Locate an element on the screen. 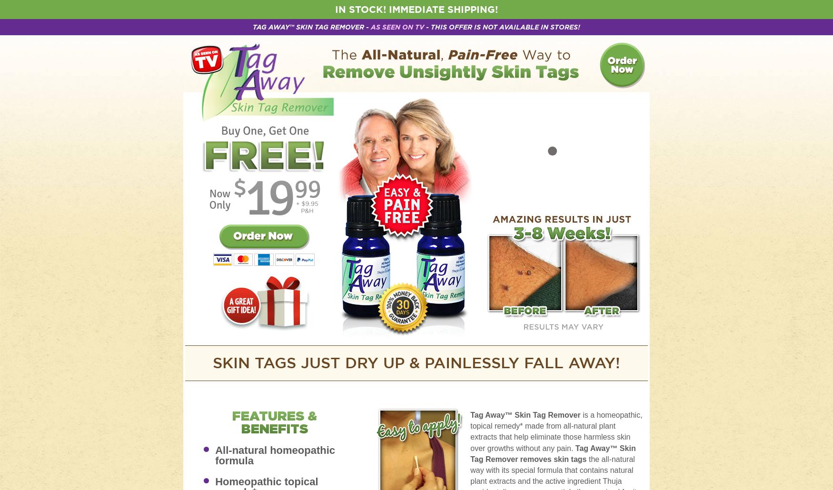 This screenshot has height=490, width=833. 'Tag Away™ Skin Tag Remover' is located at coordinates (525, 414).